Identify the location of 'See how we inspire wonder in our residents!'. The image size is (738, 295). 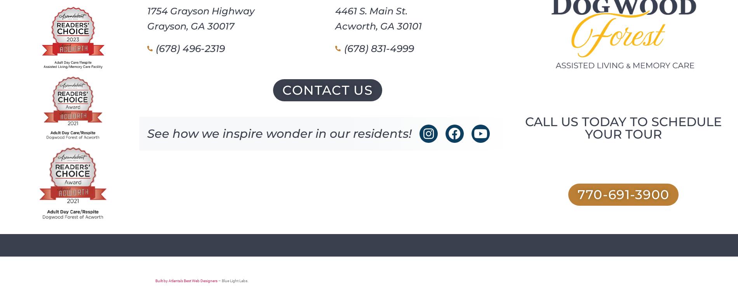
(146, 134).